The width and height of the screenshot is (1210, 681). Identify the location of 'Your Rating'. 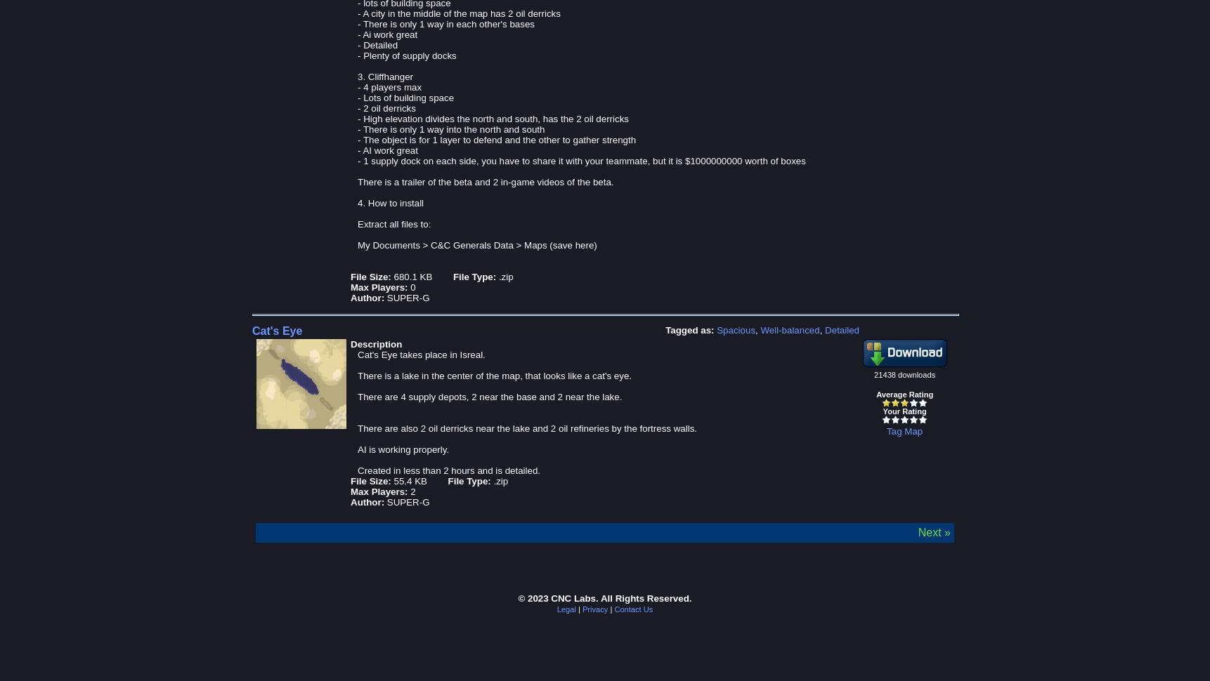
(904, 411).